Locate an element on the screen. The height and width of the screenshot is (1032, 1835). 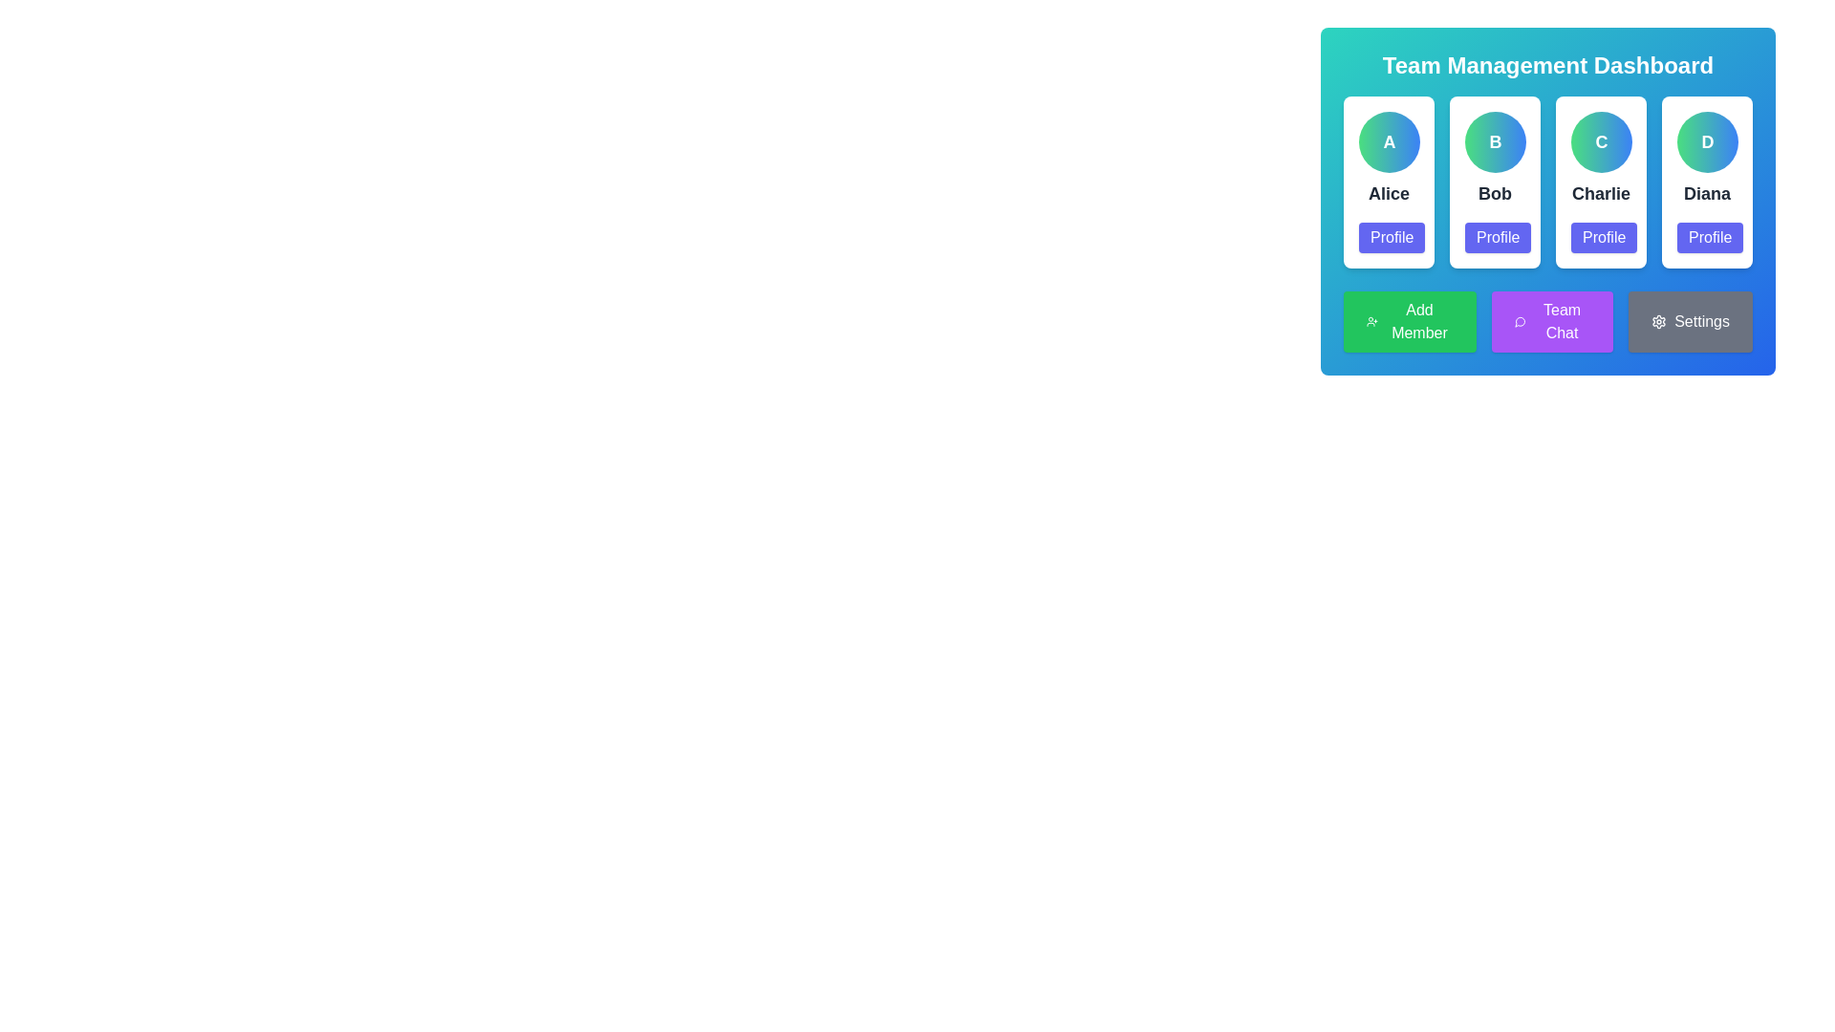
the middle button in the row of three buttons on the 'Team Management Dashboard' is located at coordinates (1548, 320).